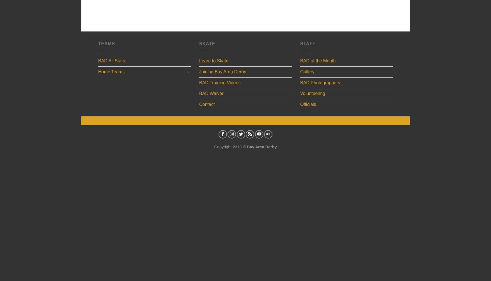 The height and width of the screenshot is (281, 491). I want to click on 'STAFF', so click(308, 44).